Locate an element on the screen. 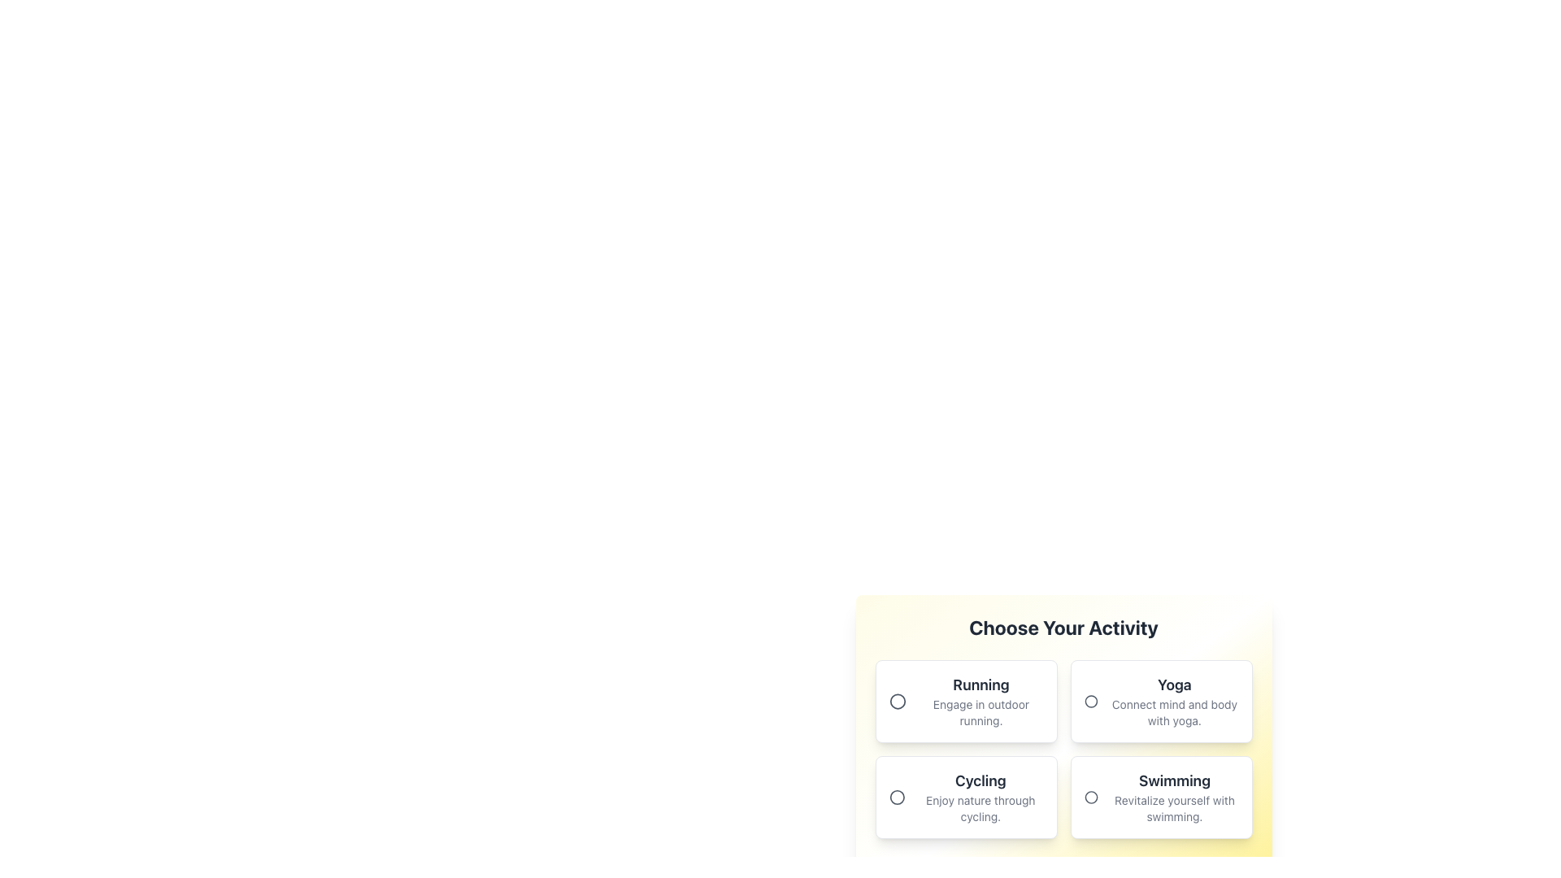  text from the 'Yoga' Text Block element, which is located in the right column of the second row of the 2x2 option cards labeled 'Choose Your Activity' is located at coordinates (1174, 701).